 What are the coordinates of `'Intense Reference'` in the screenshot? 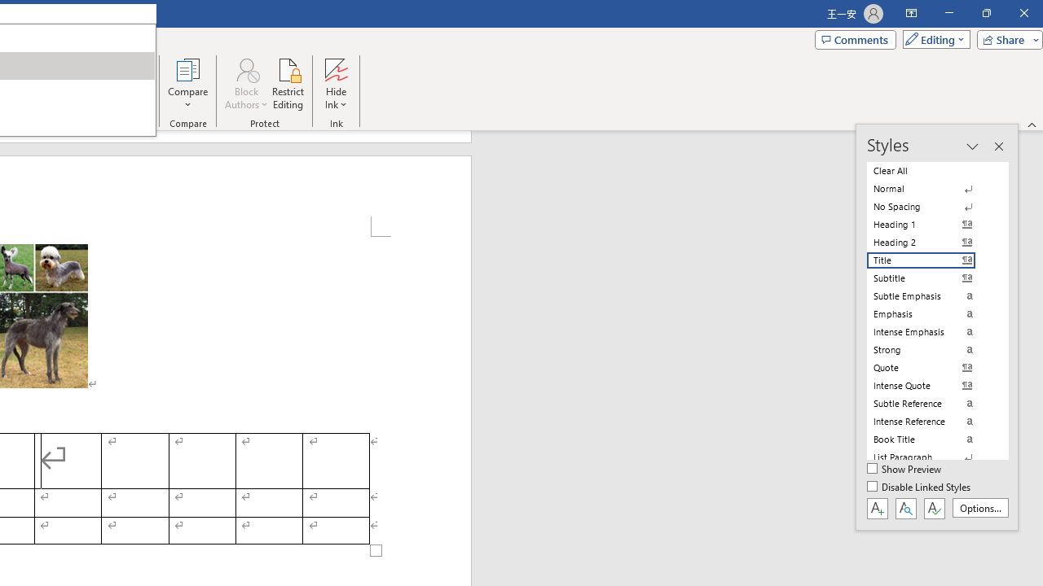 It's located at (931, 421).